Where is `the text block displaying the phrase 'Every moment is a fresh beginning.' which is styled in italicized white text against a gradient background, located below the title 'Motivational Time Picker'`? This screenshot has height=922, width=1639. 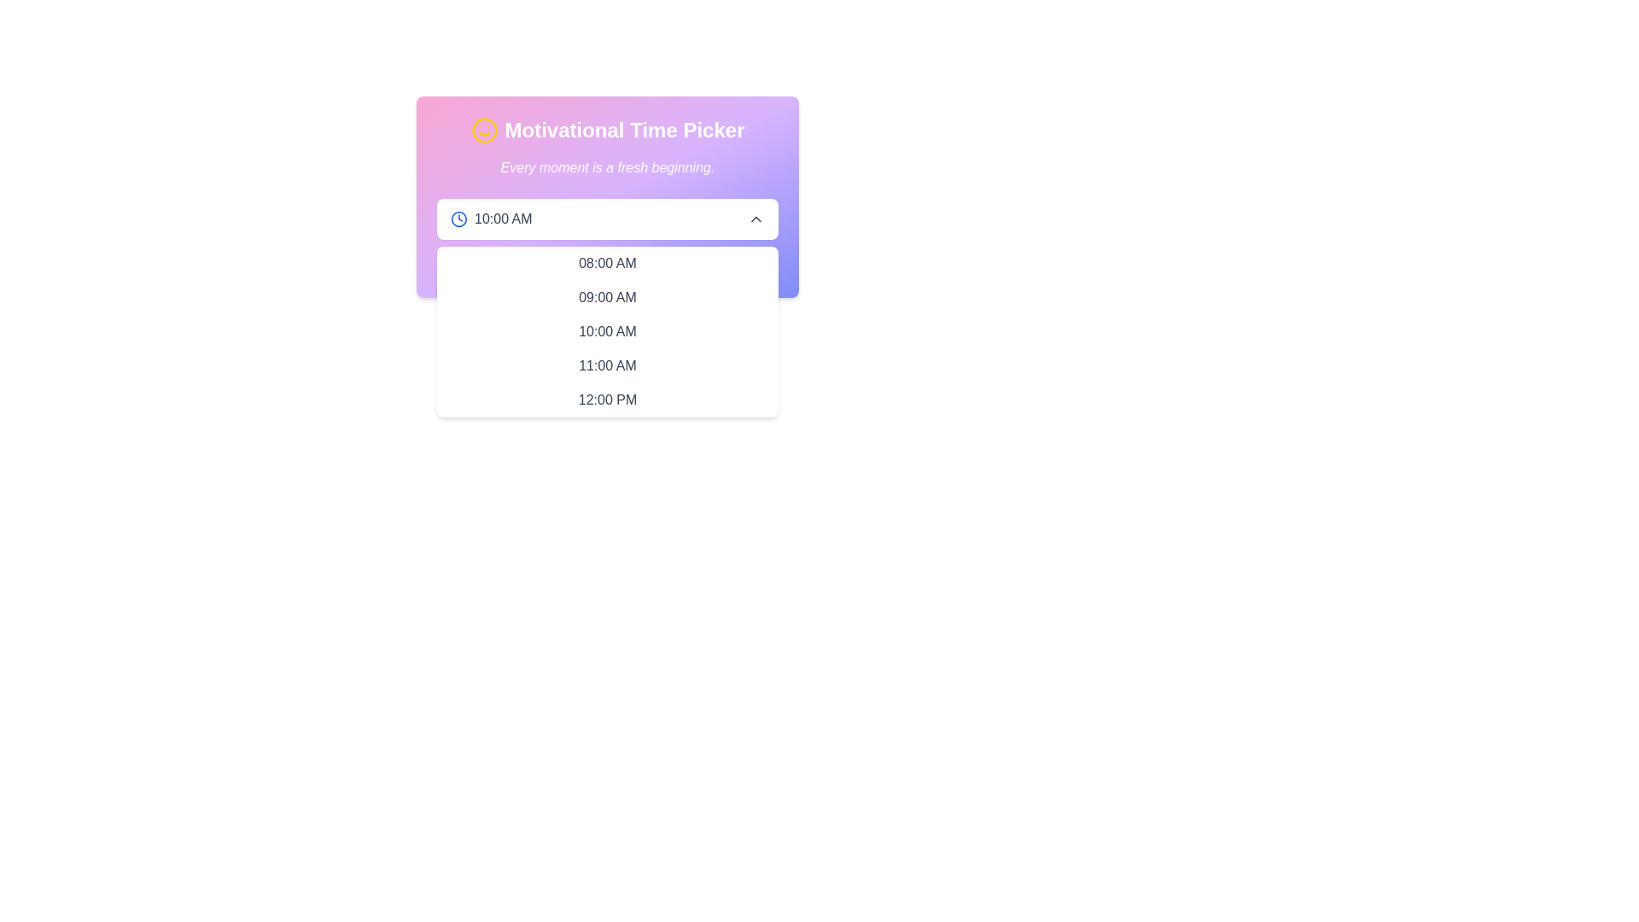
the text block displaying the phrase 'Every moment is a fresh beginning.' which is styled in italicized white text against a gradient background, located below the title 'Motivational Time Picker' is located at coordinates (607, 167).